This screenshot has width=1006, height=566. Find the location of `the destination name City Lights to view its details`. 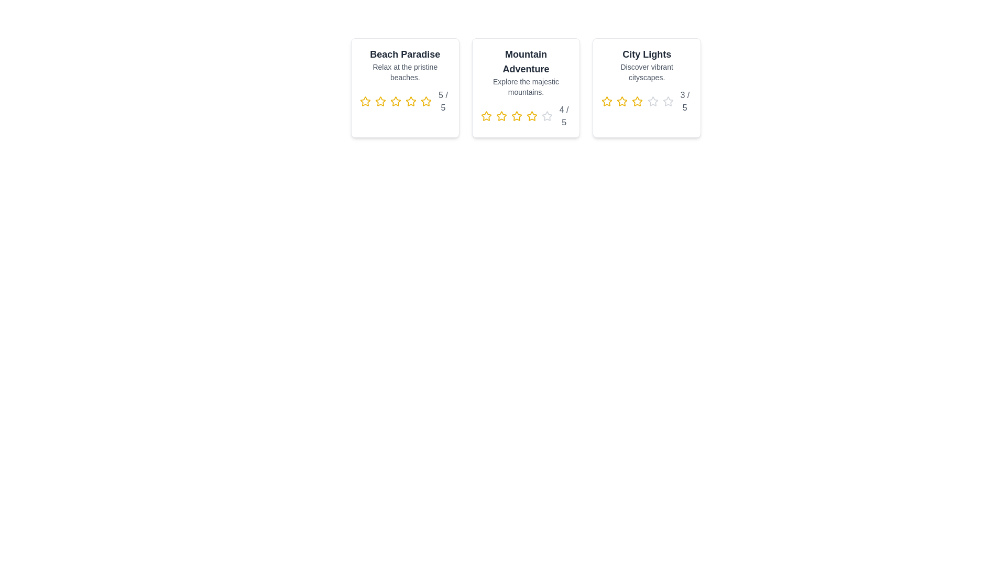

the destination name City Lights to view its details is located at coordinates (646, 55).